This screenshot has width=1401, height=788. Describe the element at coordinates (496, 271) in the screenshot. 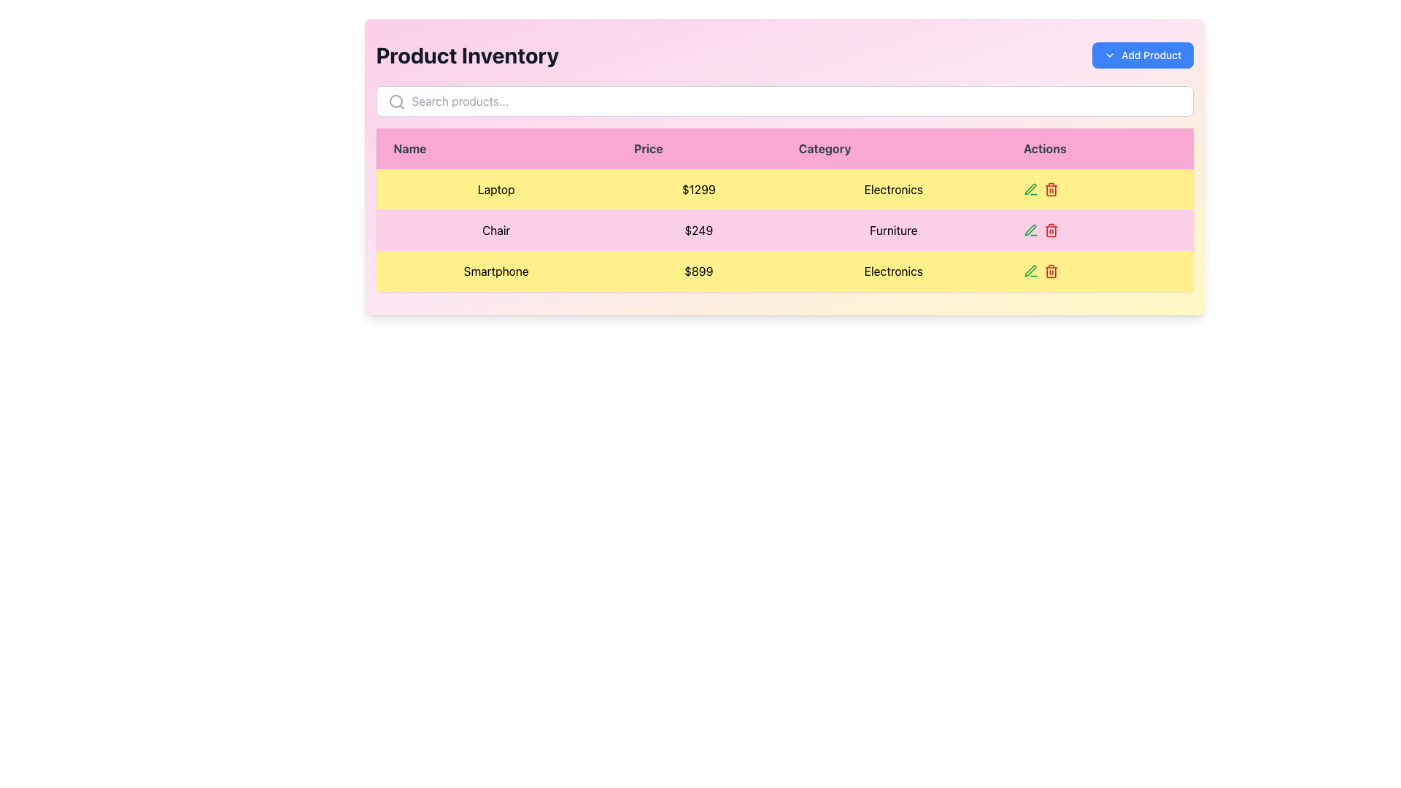

I see `the text label displaying 'Smartphone' in bold, located in the third row and first column of the table with a yellow background` at that location.